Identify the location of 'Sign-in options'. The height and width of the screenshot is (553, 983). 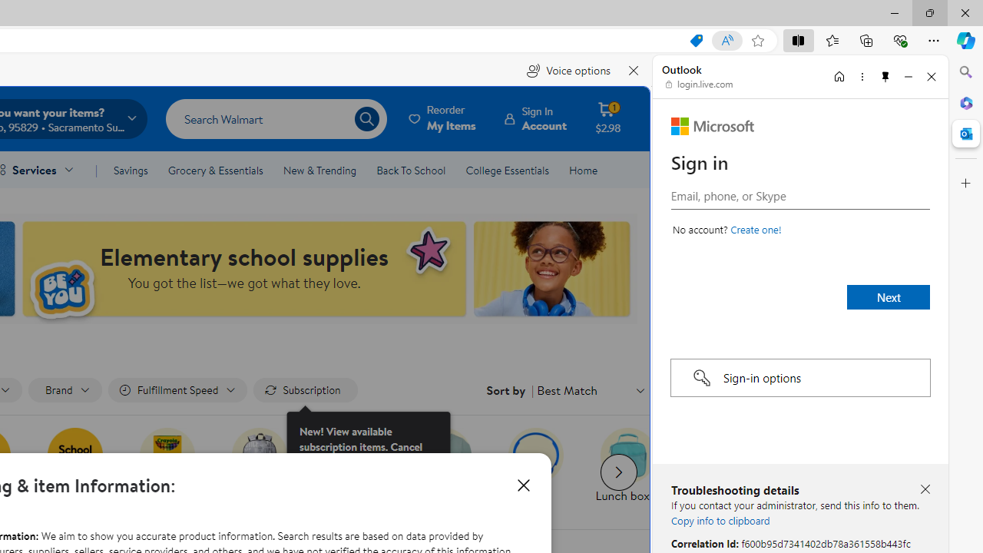
(799, 378).